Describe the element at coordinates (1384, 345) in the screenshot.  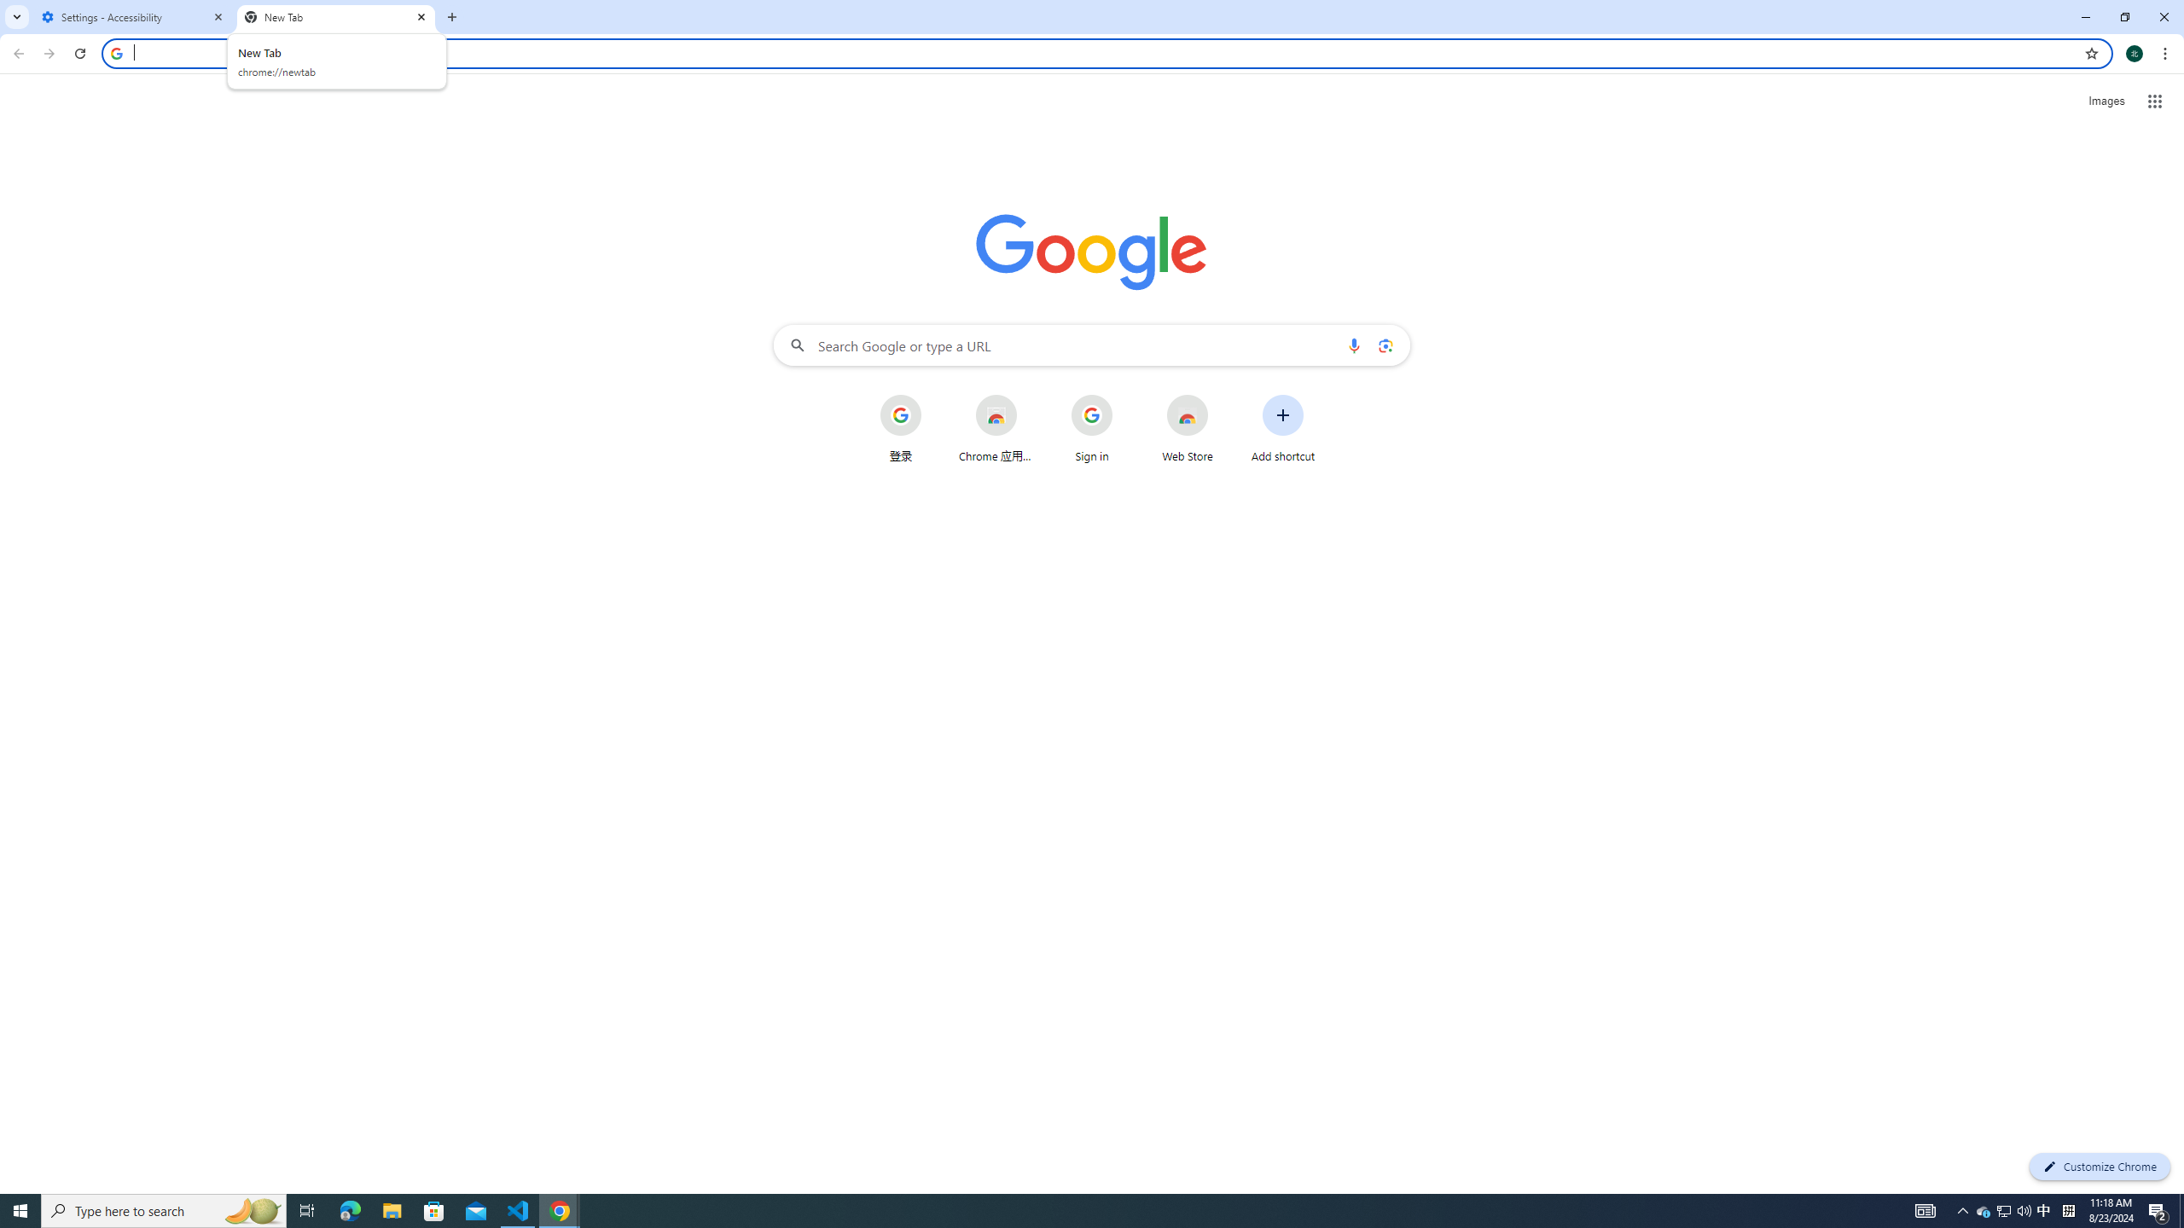
I see `'Search by image'` at that location.